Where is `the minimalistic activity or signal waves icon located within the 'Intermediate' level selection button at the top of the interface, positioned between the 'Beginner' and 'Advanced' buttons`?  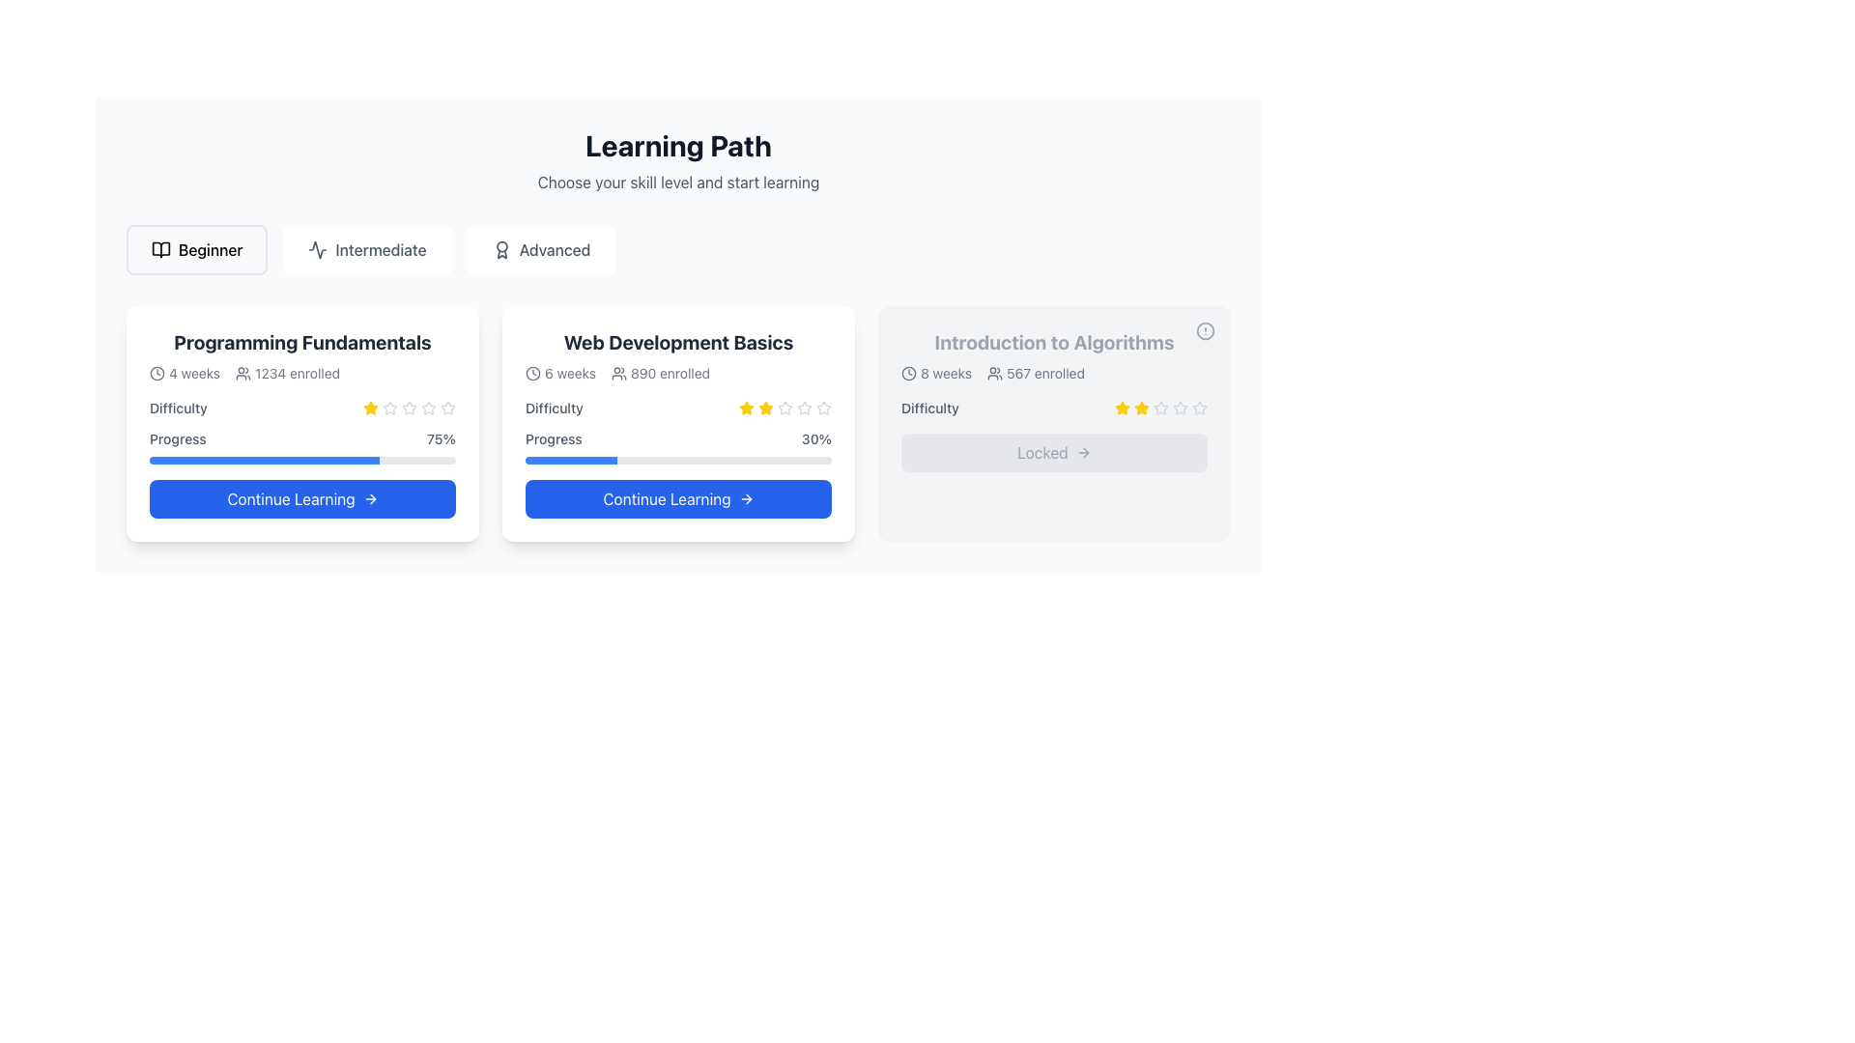 the minimalistic activity or signal waves icon located within the 'Intermediate' level selection button at the top of the interface, positioned between the 'Beginner' and 'Advanced' buttons is located at coordinates (318, 248).